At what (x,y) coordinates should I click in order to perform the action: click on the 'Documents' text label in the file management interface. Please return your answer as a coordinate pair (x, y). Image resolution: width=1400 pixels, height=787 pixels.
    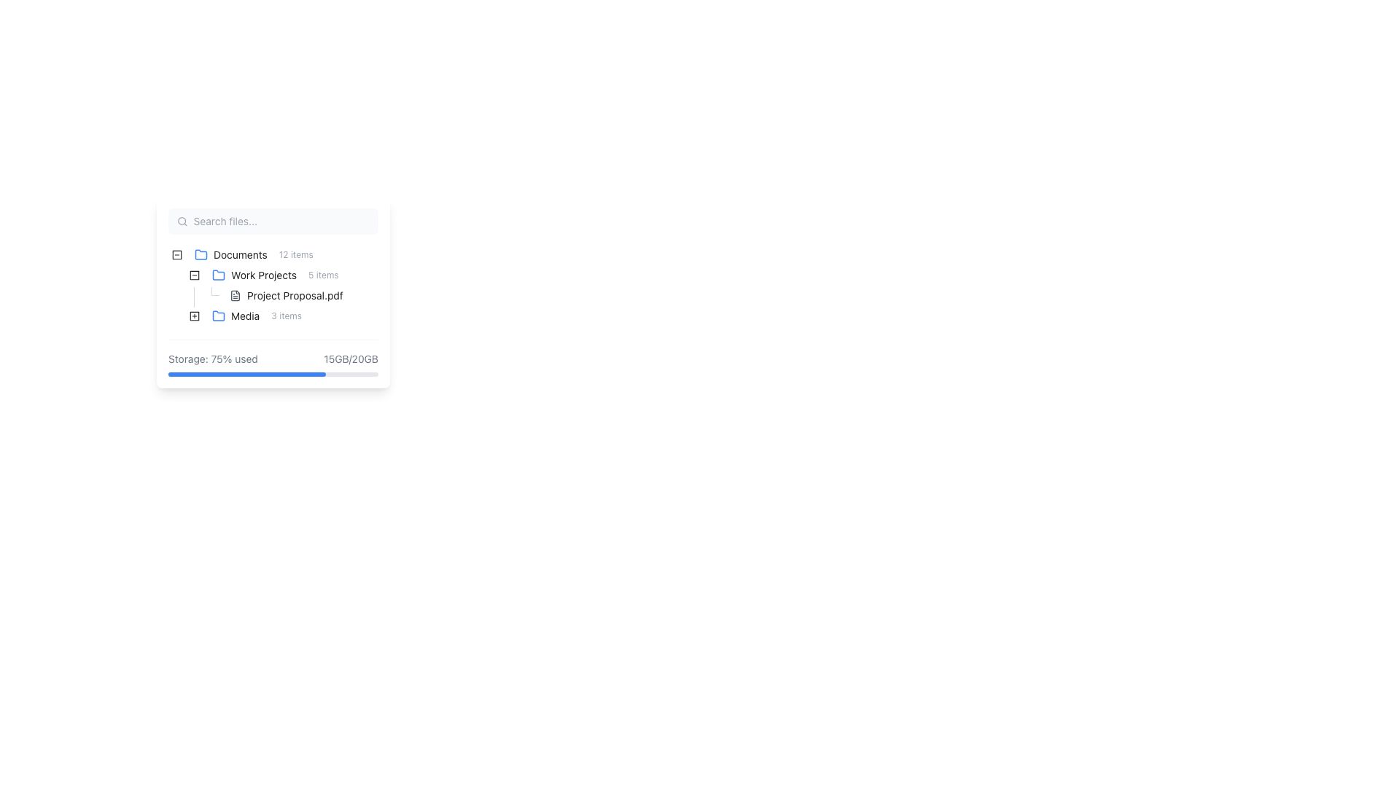
    Looking at the image, I should click on (240, 254).